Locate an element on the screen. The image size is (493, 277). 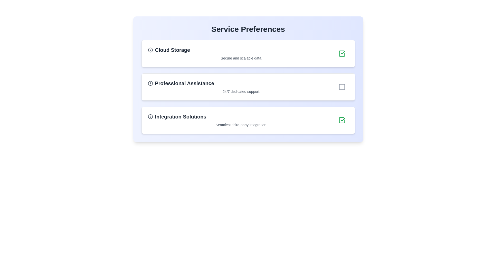
the graphical part of the SVG illustration representing the checkbox in the top-right of the first option row is located at coordinates (342, 120).